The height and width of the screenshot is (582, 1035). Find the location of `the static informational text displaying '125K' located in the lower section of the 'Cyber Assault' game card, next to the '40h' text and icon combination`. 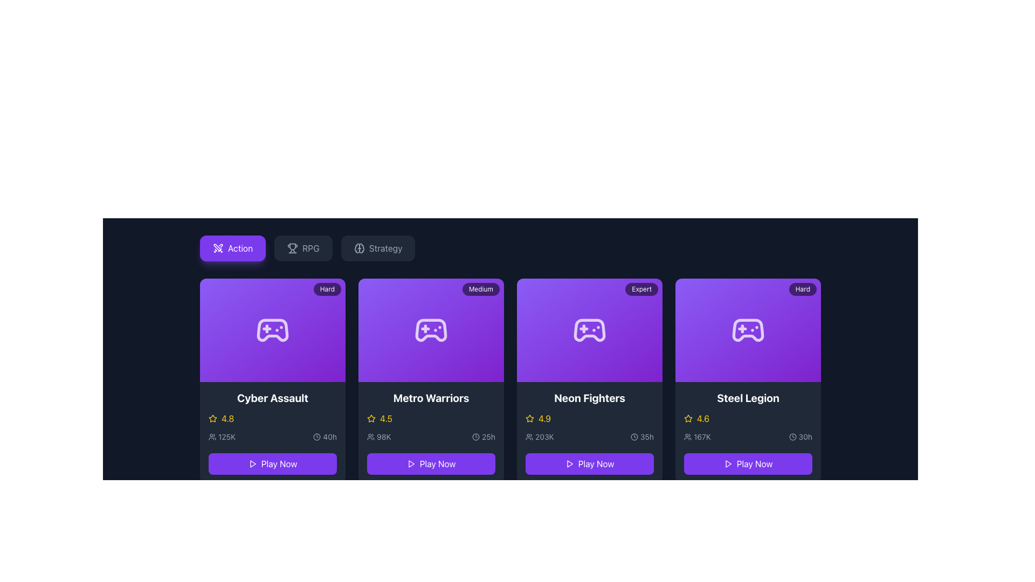

the static informational text displaying '125K' located in the lower section of the 'Cyber Assault' game card, next to the '40h' text and icon combination is located at coordinates (222, 436).